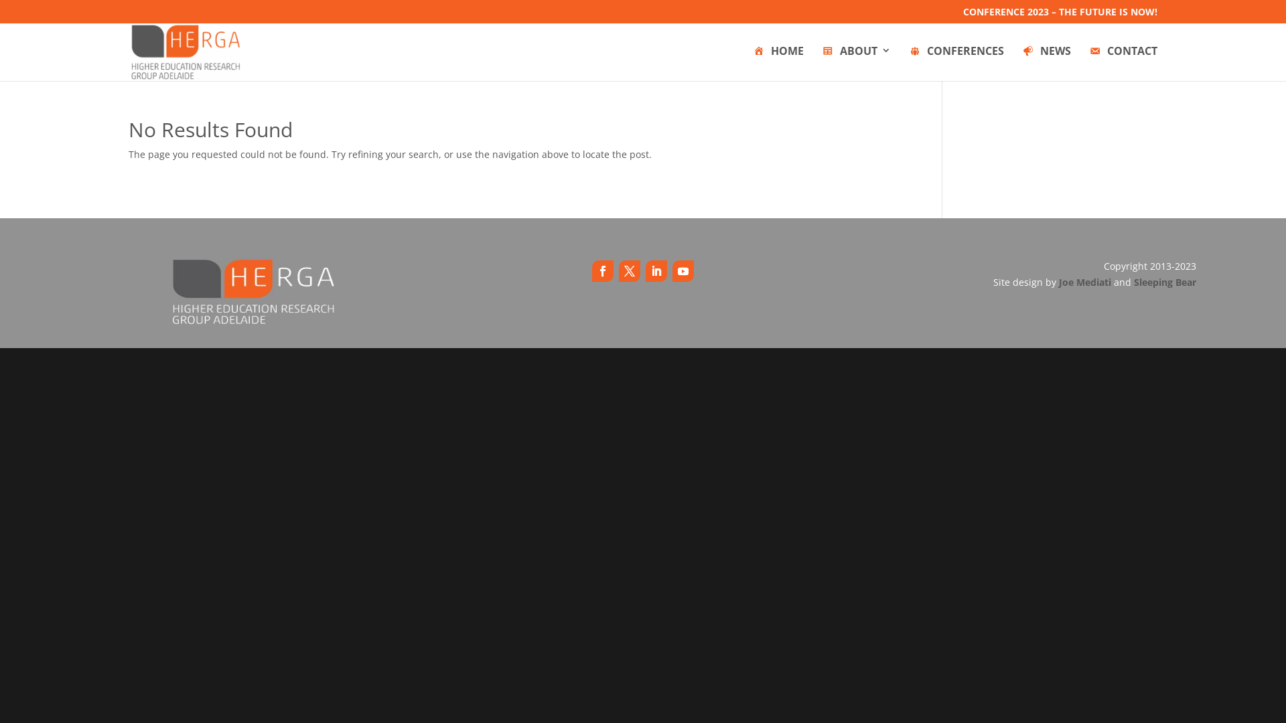 The width and height of the screenshot is (1286, 723). I want to click on 'Follow on LinkedIn', so click(656, 271).